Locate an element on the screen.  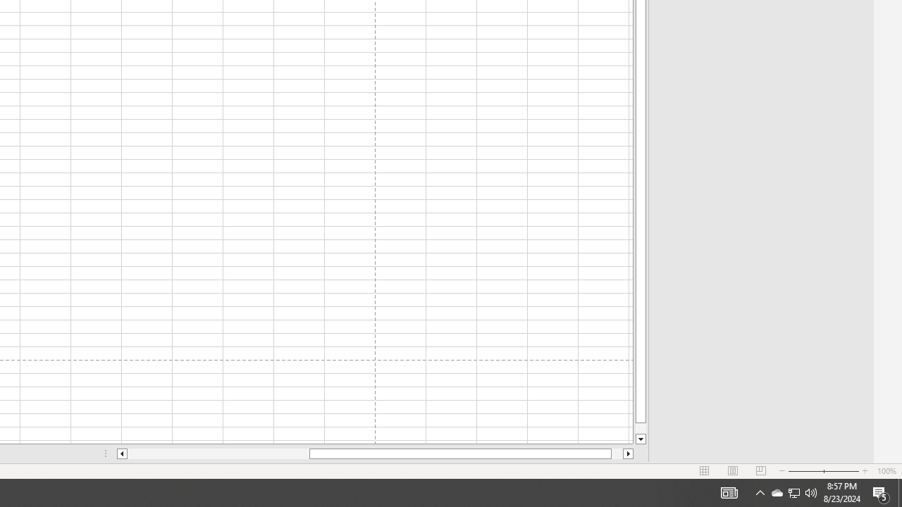
'Page Layout' is located at coordinates (733, 471).